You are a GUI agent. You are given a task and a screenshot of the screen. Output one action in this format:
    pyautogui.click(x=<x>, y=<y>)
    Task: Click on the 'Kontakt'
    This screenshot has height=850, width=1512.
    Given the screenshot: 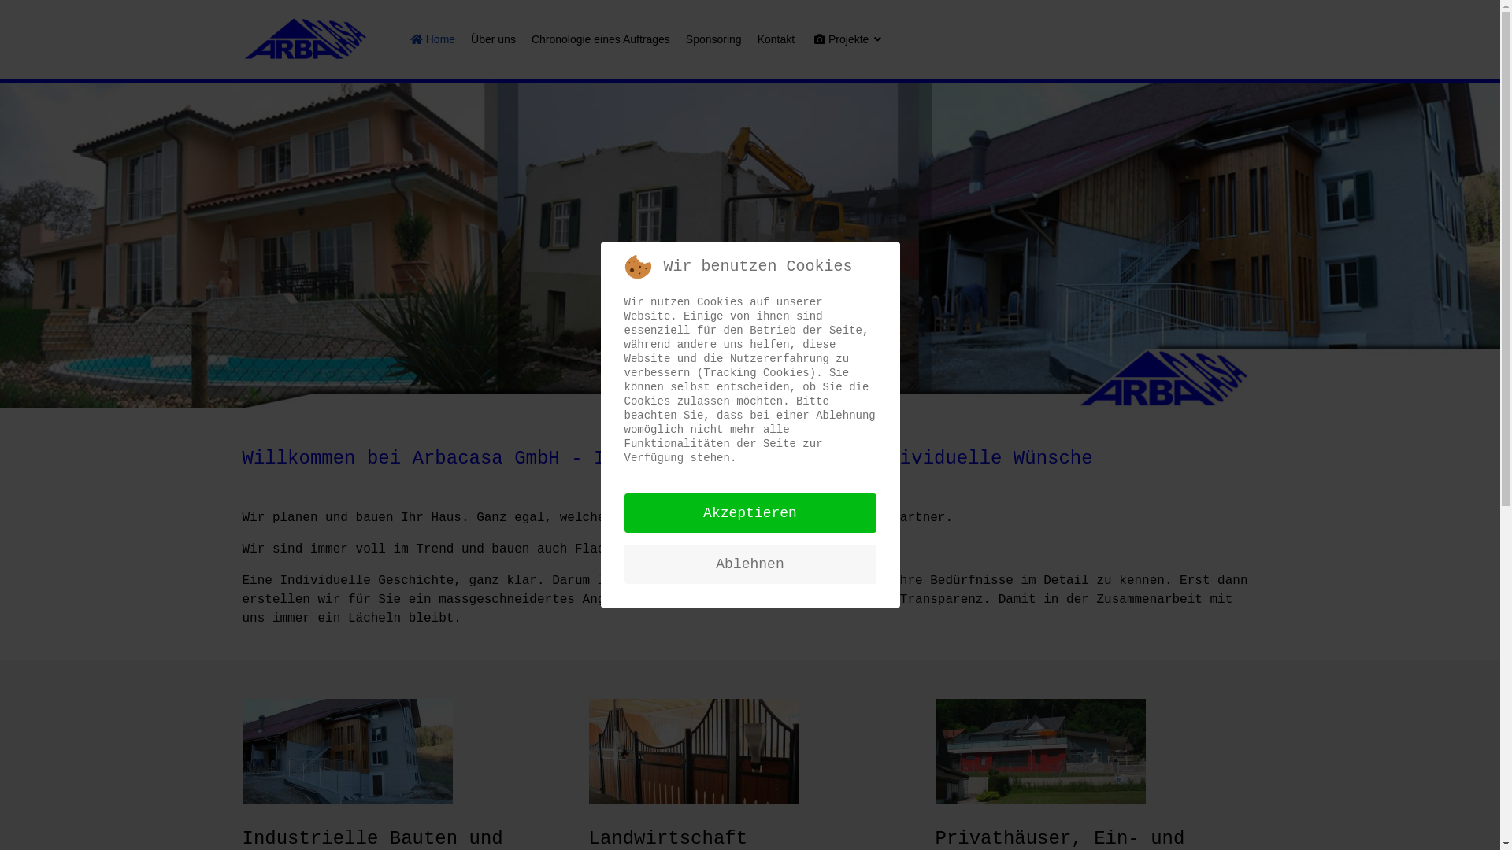 What is the action you would take?
    pyautogui.click(x=748, y=39)
    